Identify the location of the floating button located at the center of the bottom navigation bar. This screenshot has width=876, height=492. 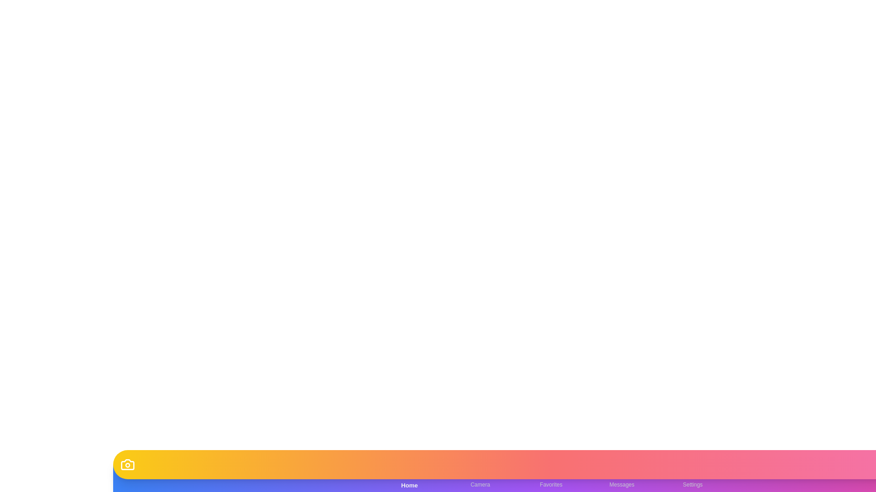
(551, 464).